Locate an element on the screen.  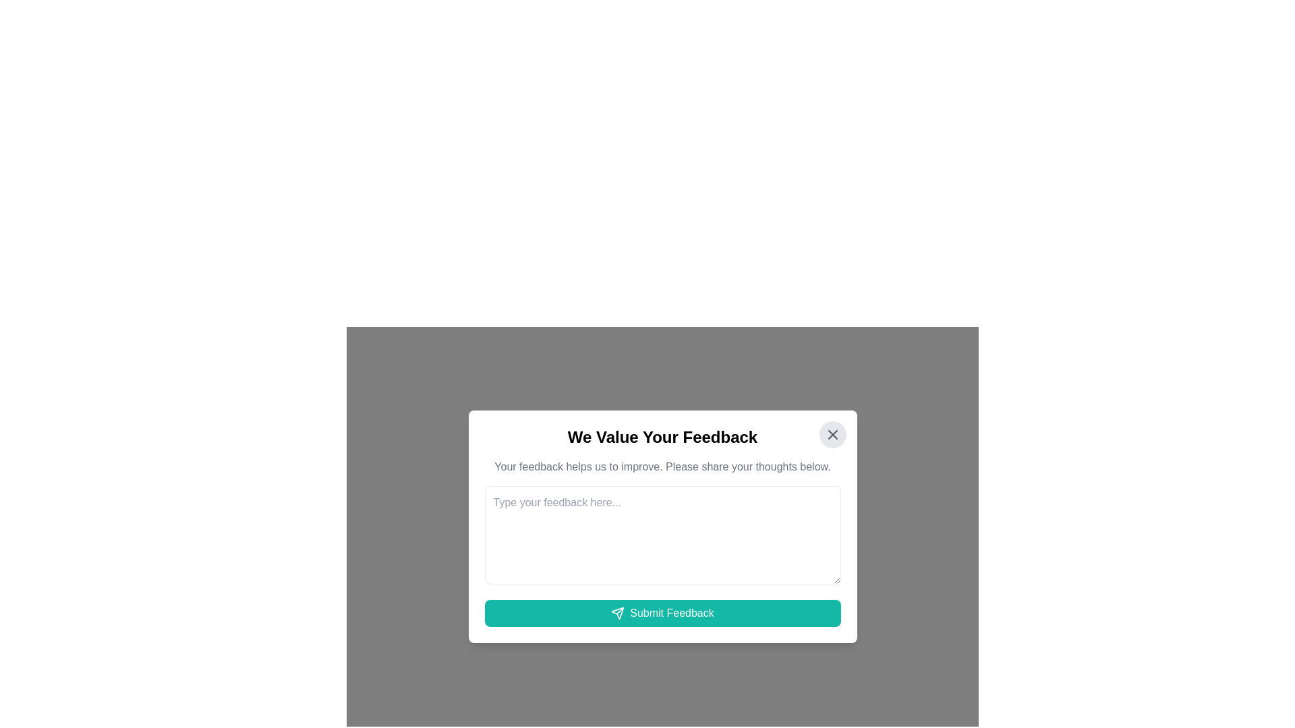
the header that reads 'We Value Your Feedback', which is styled with a larger font size and bold weight, positioned at the top of the dialog box is located at coordinates (662, 437).